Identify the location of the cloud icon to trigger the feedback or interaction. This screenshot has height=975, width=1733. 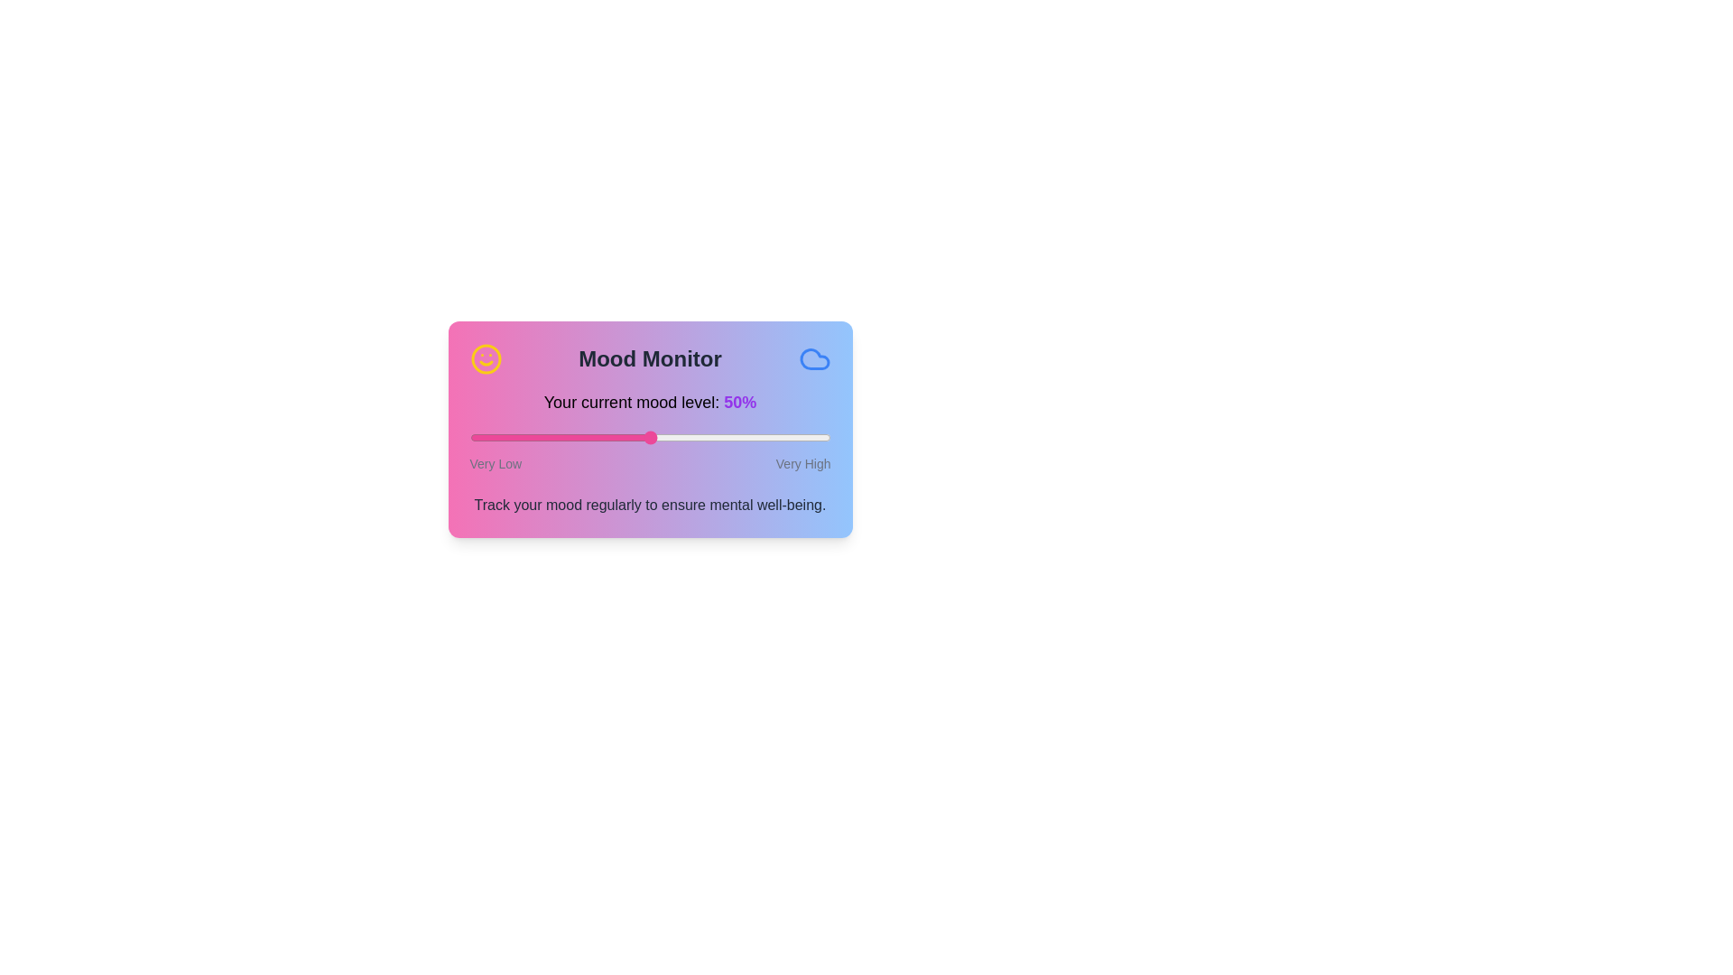
(813, 358).